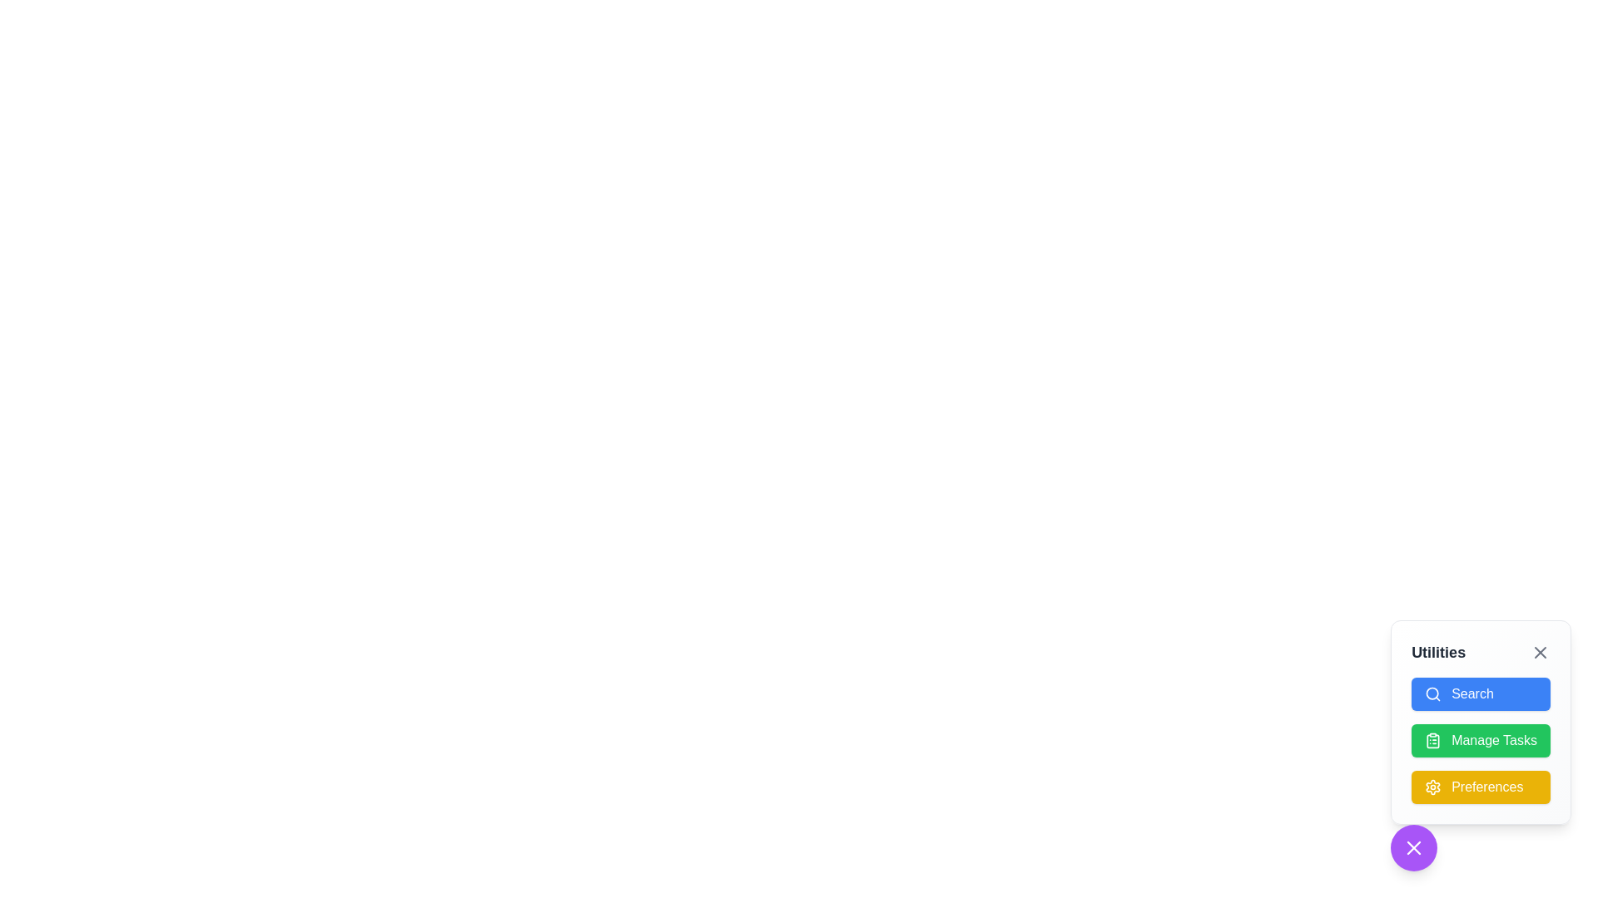  Describe the element at coordinates (1481, 740) in the screenshot. I see `the 'Manage Tasks' button with a green background and white text` at that location.